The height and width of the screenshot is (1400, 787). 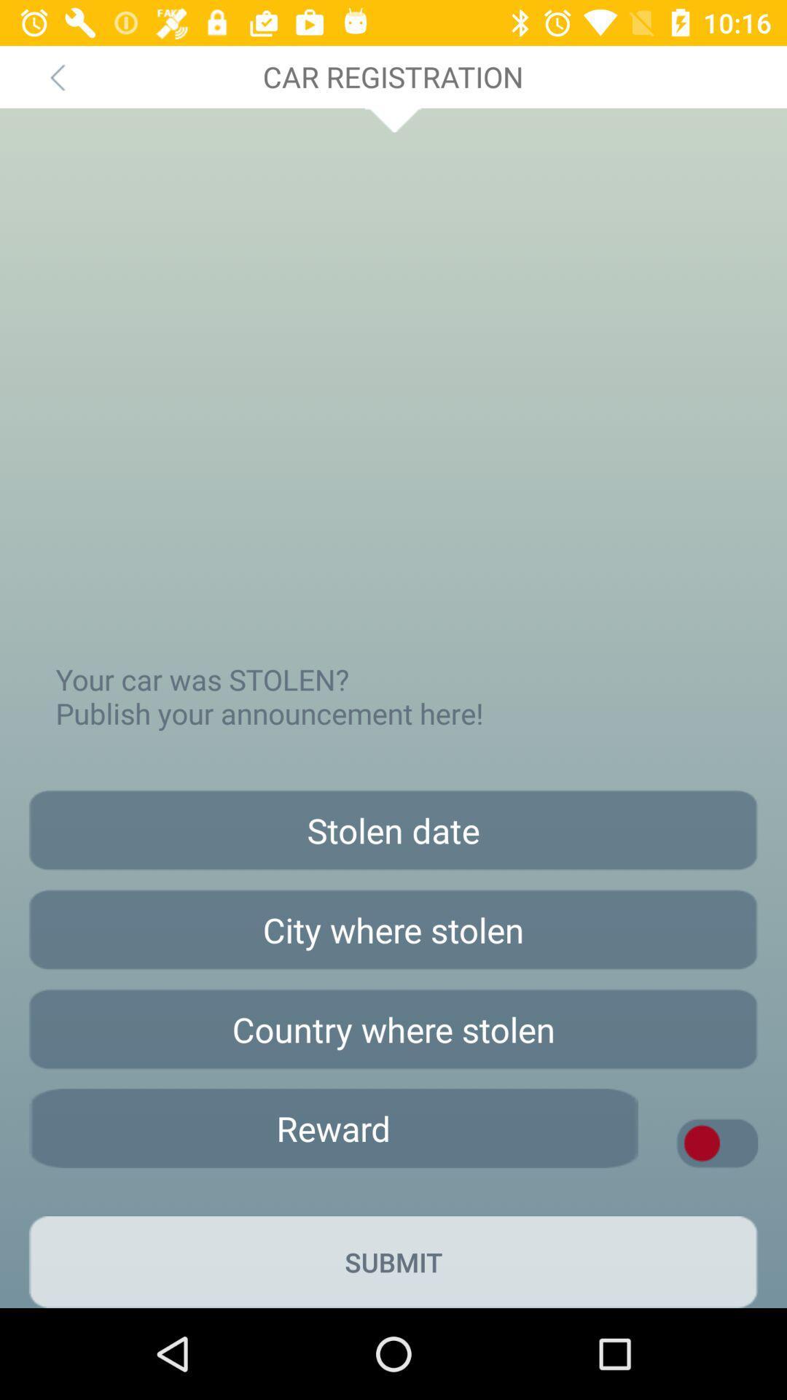 What do you see at coordinates (393, 1261) in the screenshot?
I see `submit` at bounding box center [393, 1261].